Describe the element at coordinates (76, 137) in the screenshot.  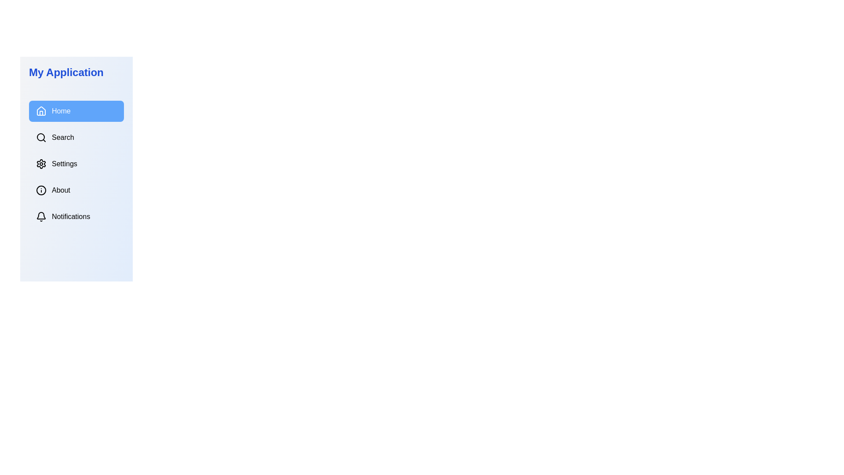
I see `the 'Search' button located in the left navigation menu, positioned between the 'Home' and 'Settings' buttons` at that location.